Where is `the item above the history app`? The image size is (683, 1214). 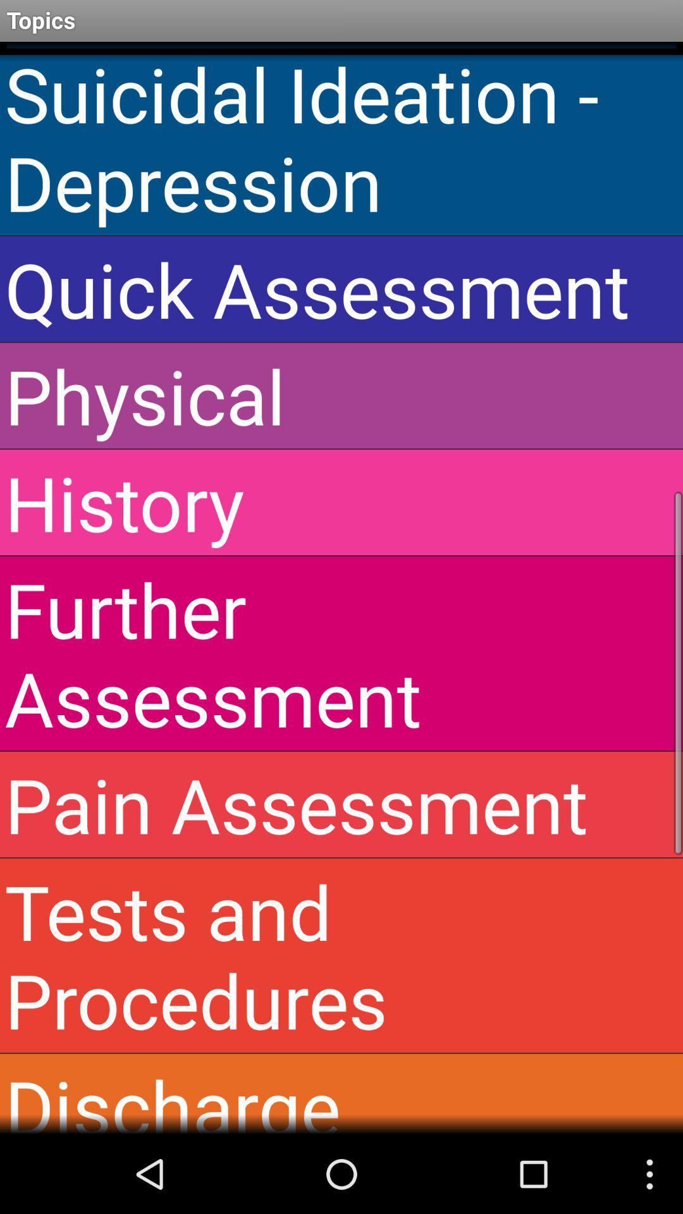
the item above the history app is located at coordinates (341, 395).